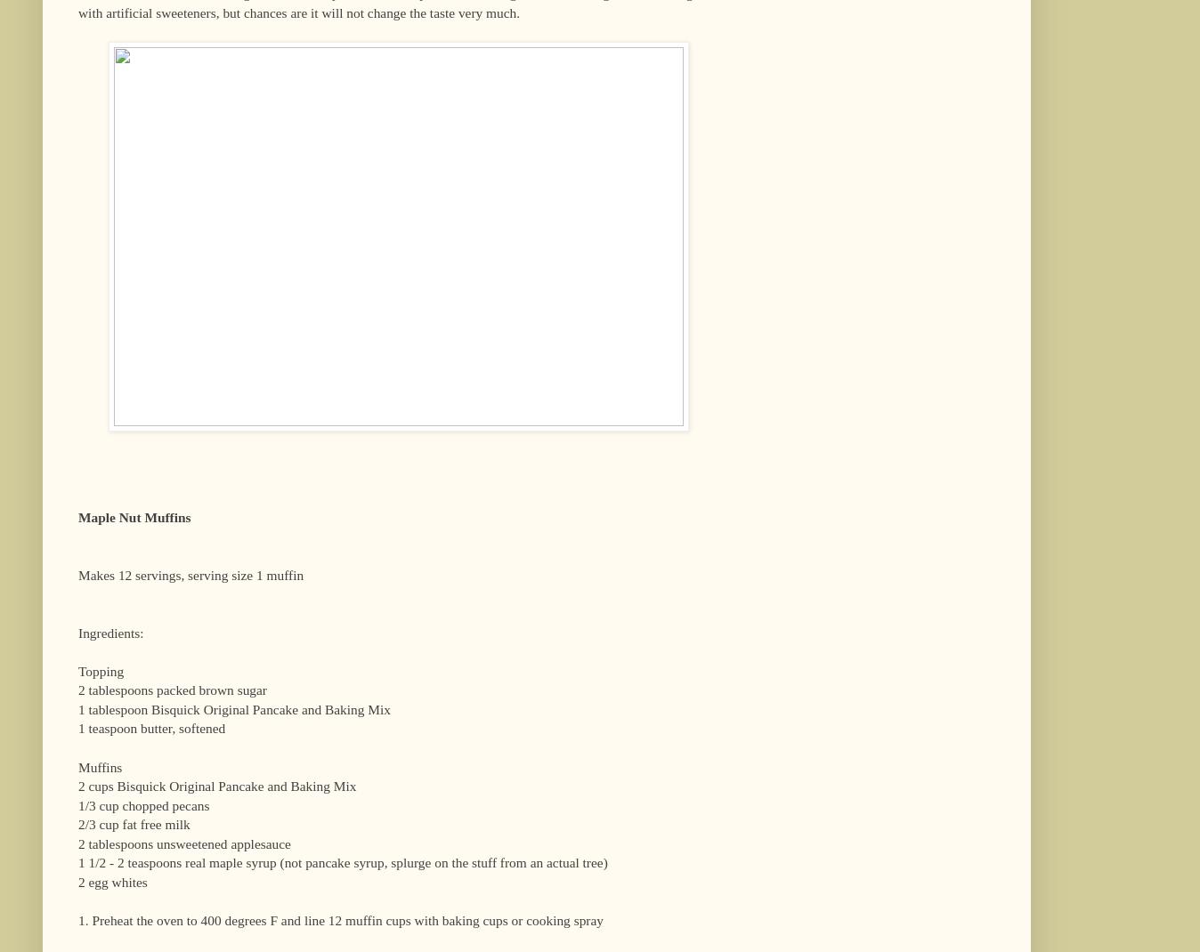  I want to click on '2/3 cup fat free milk', so click(133, 823).